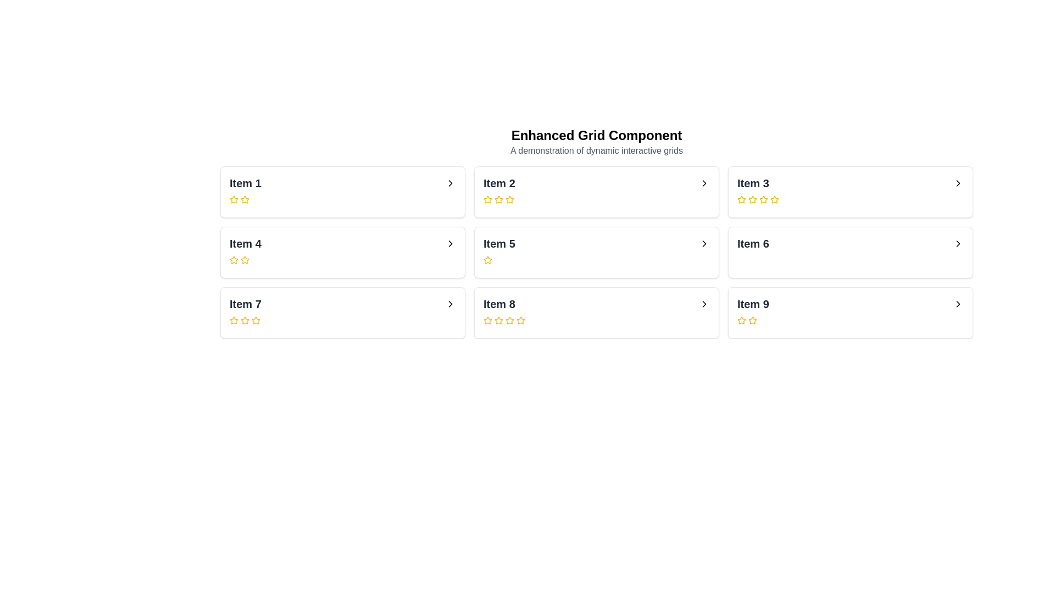  Describe the element at coordinates (752, 243) in the screenshot. I see `the text label 'Item 6' located in the second column and second row of the grid, which identifies this cell` at that location.